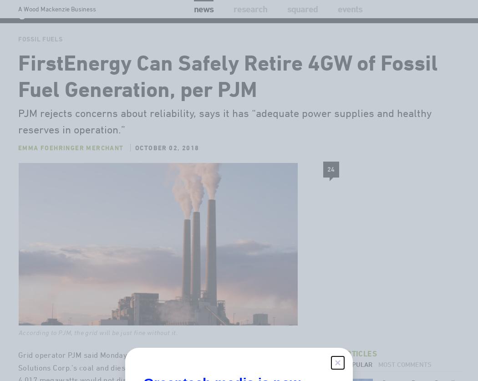 This screenshot has height=381, width=478. I want to click on 'Squared', so click(301, 9).